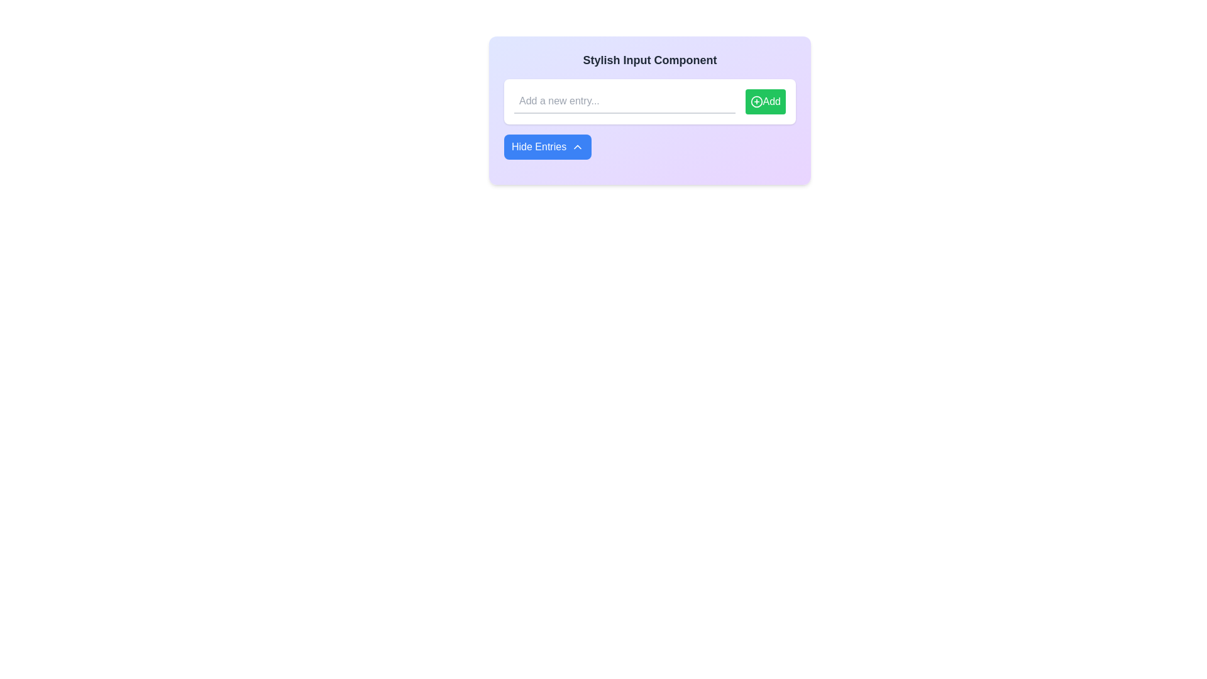 The width and height of the screenshot is (1207, 679). Describe the element at coordinates (756, 101) in the screenshot. I see `the 'Add' icon located within the green 'Add' button to the right of the input field labeled 'Add a new entry...'` at that location.